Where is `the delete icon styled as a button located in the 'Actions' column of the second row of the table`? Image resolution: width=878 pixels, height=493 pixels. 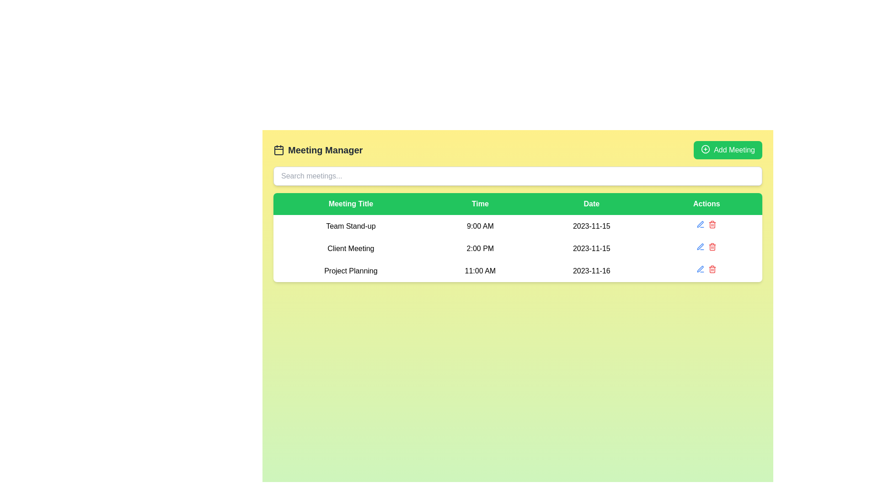 the delete icon styled as a button located in the 'Actions' column of the second row of the table is located at coordinates (712, 246).